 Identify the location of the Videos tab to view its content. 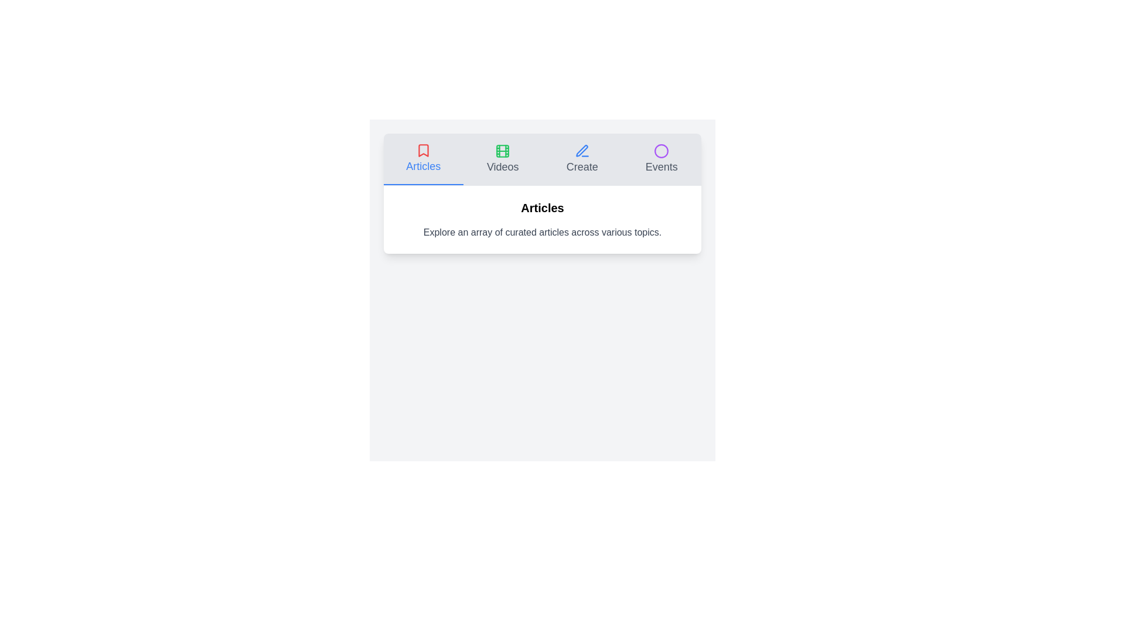
(503, 159).